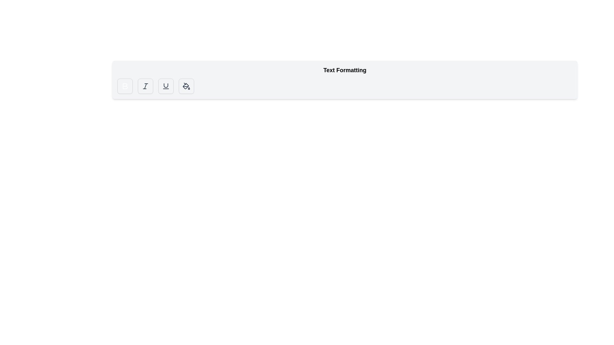 The height and width of the screenshot is (345, 614). What do you see at coordinates (186, 86) in the screenshot?
I see `the fifth button from the left in the toolbar, which is a rounded square button with a gray outline and a paint bucket symbol` at bounding box center [186, 86].